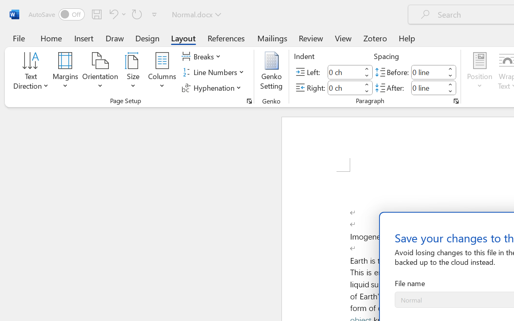  What do you see at coordinates (249, 101) in the screenshot?
I see `'Page Setup...'` at bounding box center [249, 101].